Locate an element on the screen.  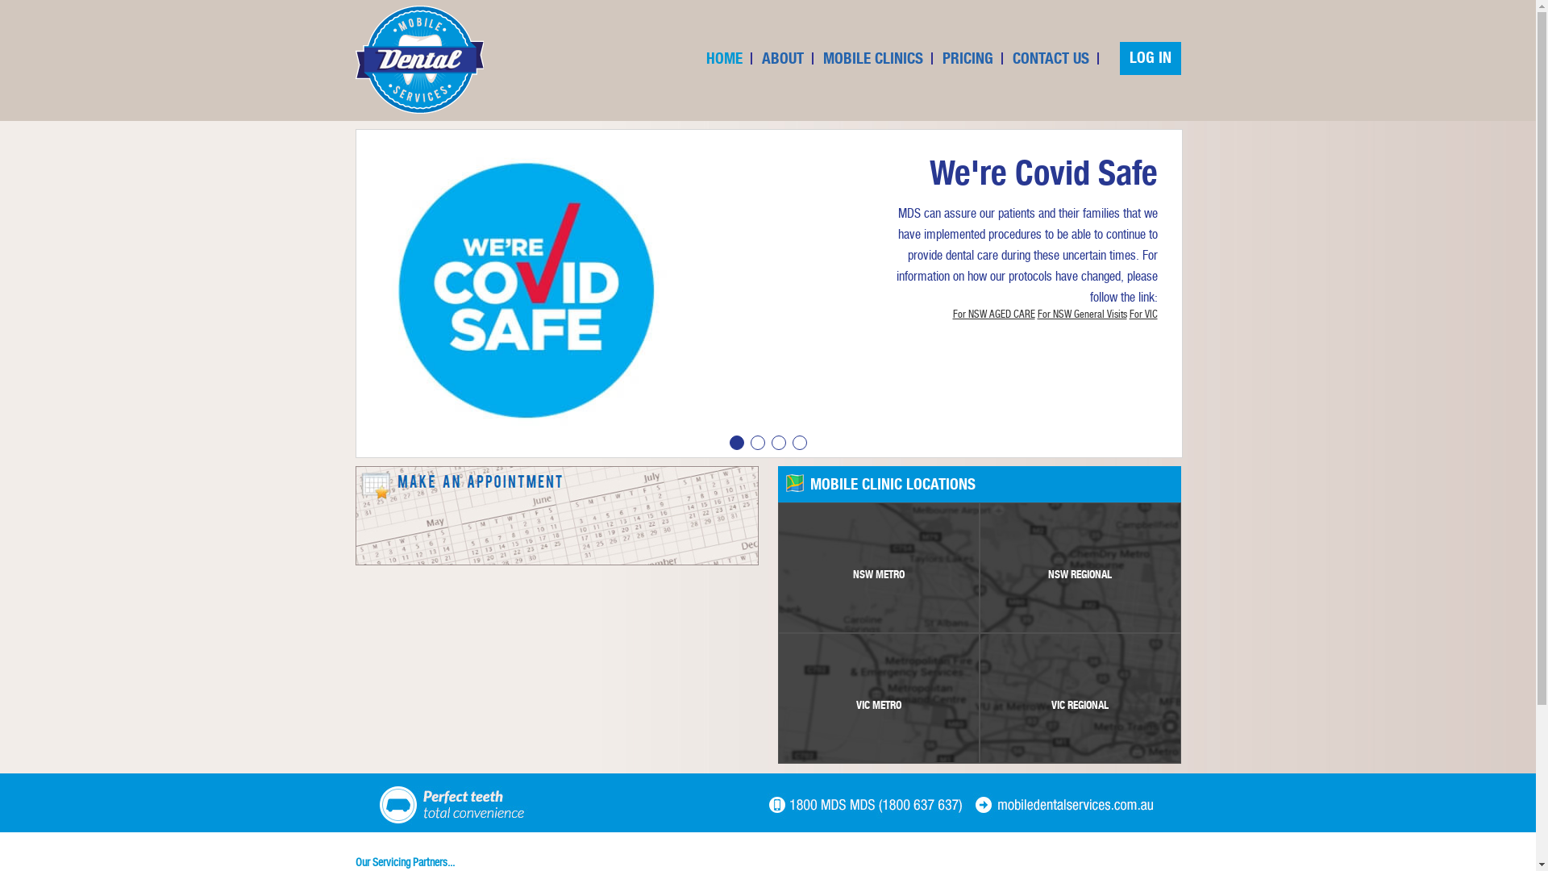
'HOME' is located at coordinates (723, 57).